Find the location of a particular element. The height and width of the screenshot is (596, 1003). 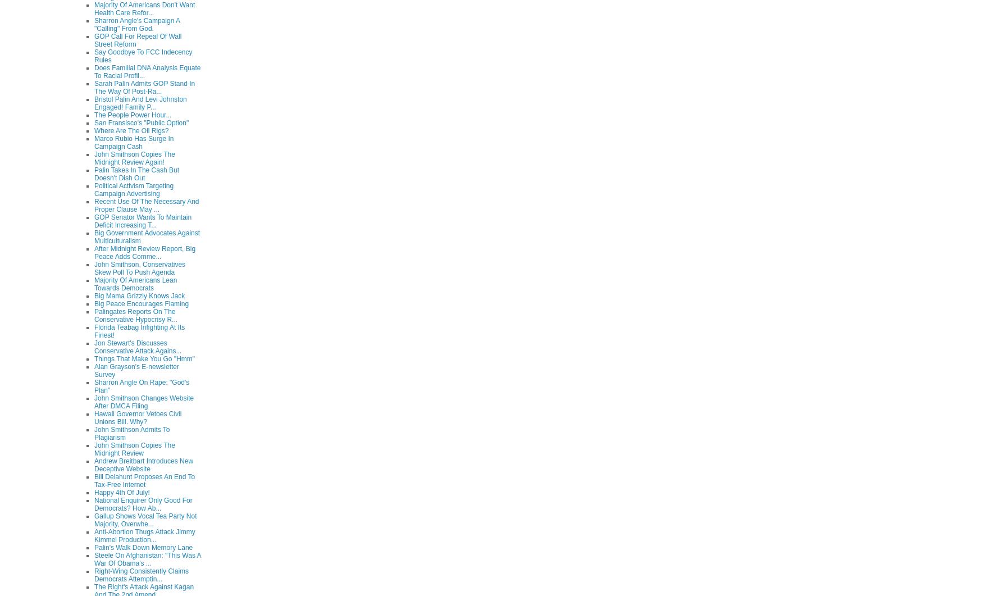

'GOP Senator Wants To Maintain Deficit Increasing T...' is located at coordinates (142, 220).